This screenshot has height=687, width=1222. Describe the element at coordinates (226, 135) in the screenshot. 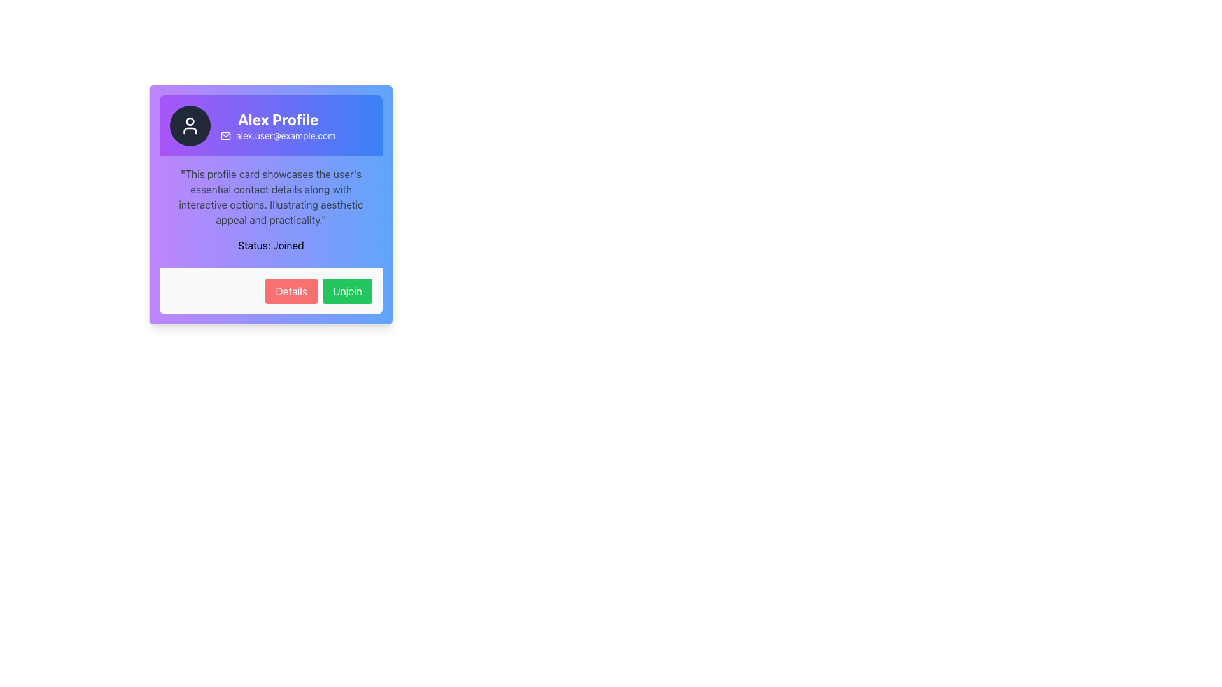

I see `the email icon located in the upper-left part of the profile card, which visually indicates the email address 'alex.user@example.com'` at that location.